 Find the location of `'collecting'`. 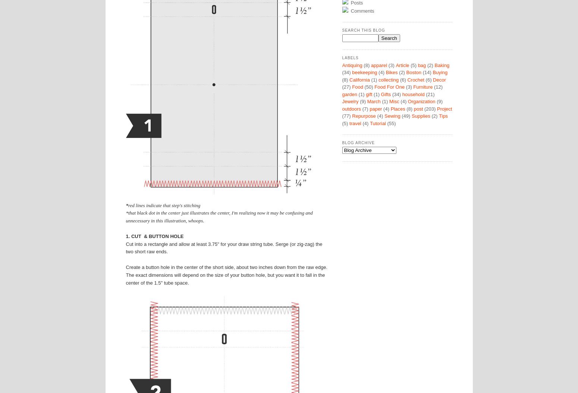

'collecting' is located at coordinates (389, 79).